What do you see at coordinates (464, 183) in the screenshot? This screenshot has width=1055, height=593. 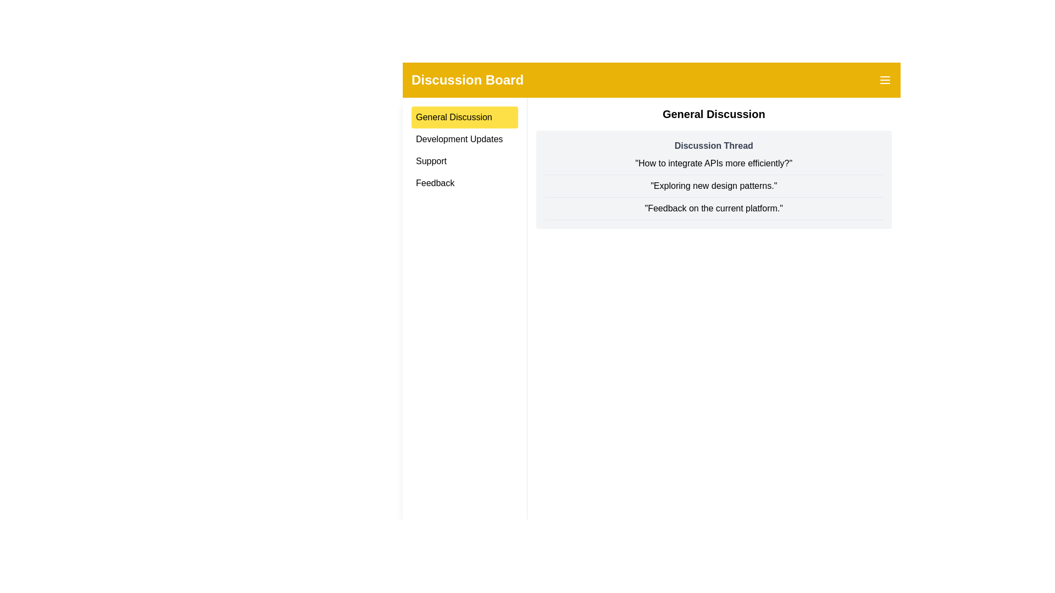 I see `the topic Feedback in the sidebar to select it` at bounding box center [464, 183].